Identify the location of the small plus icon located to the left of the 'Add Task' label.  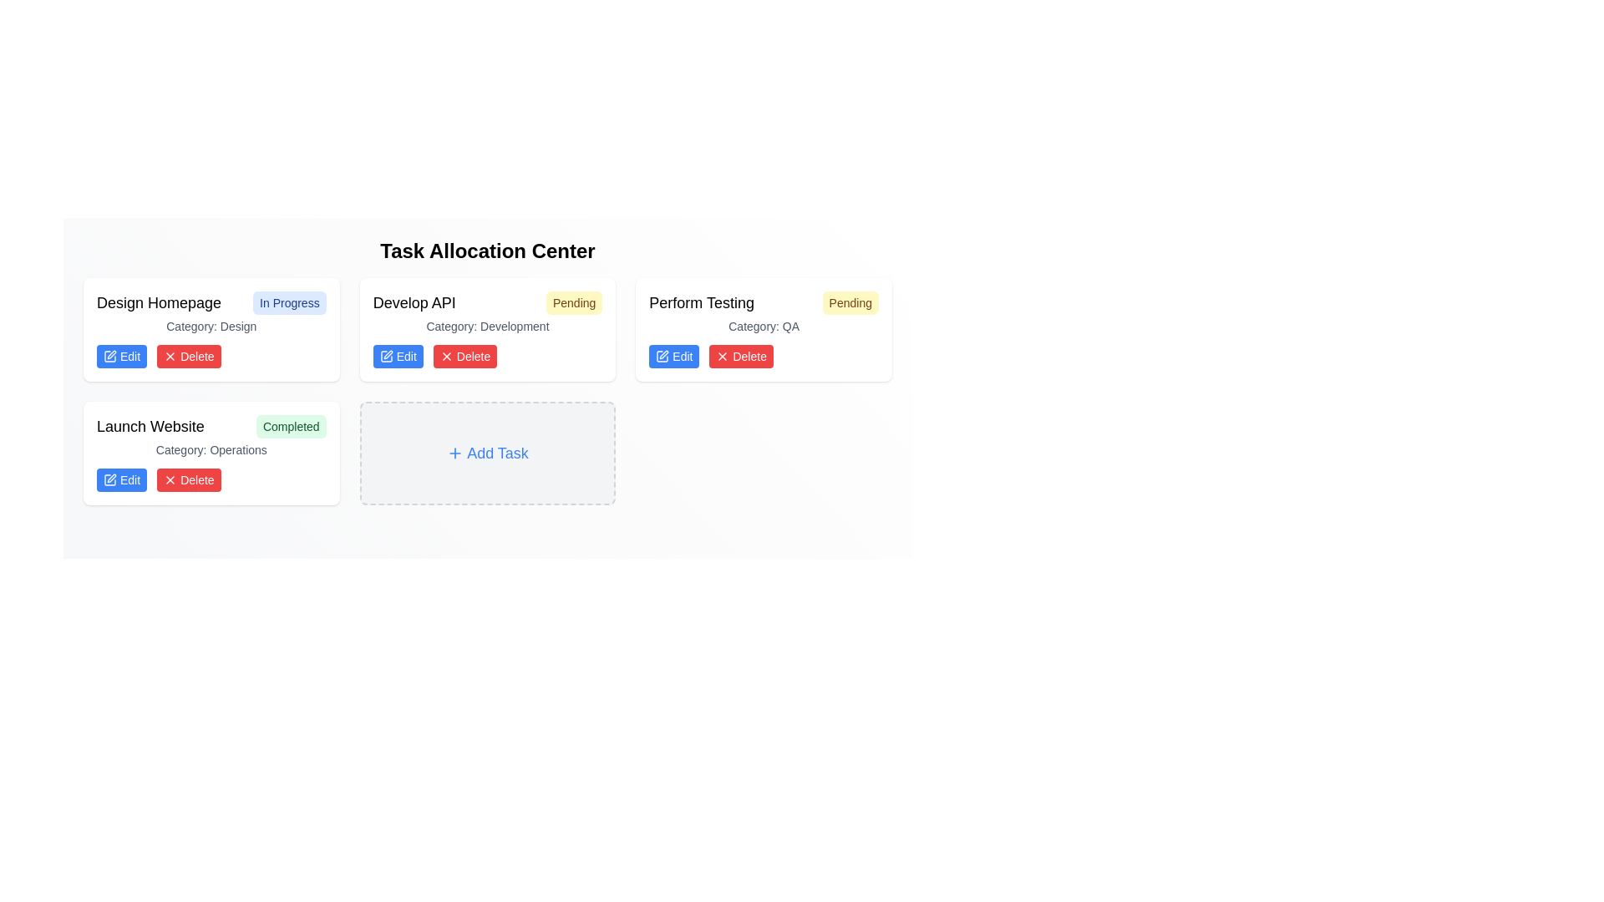
(455, 454).